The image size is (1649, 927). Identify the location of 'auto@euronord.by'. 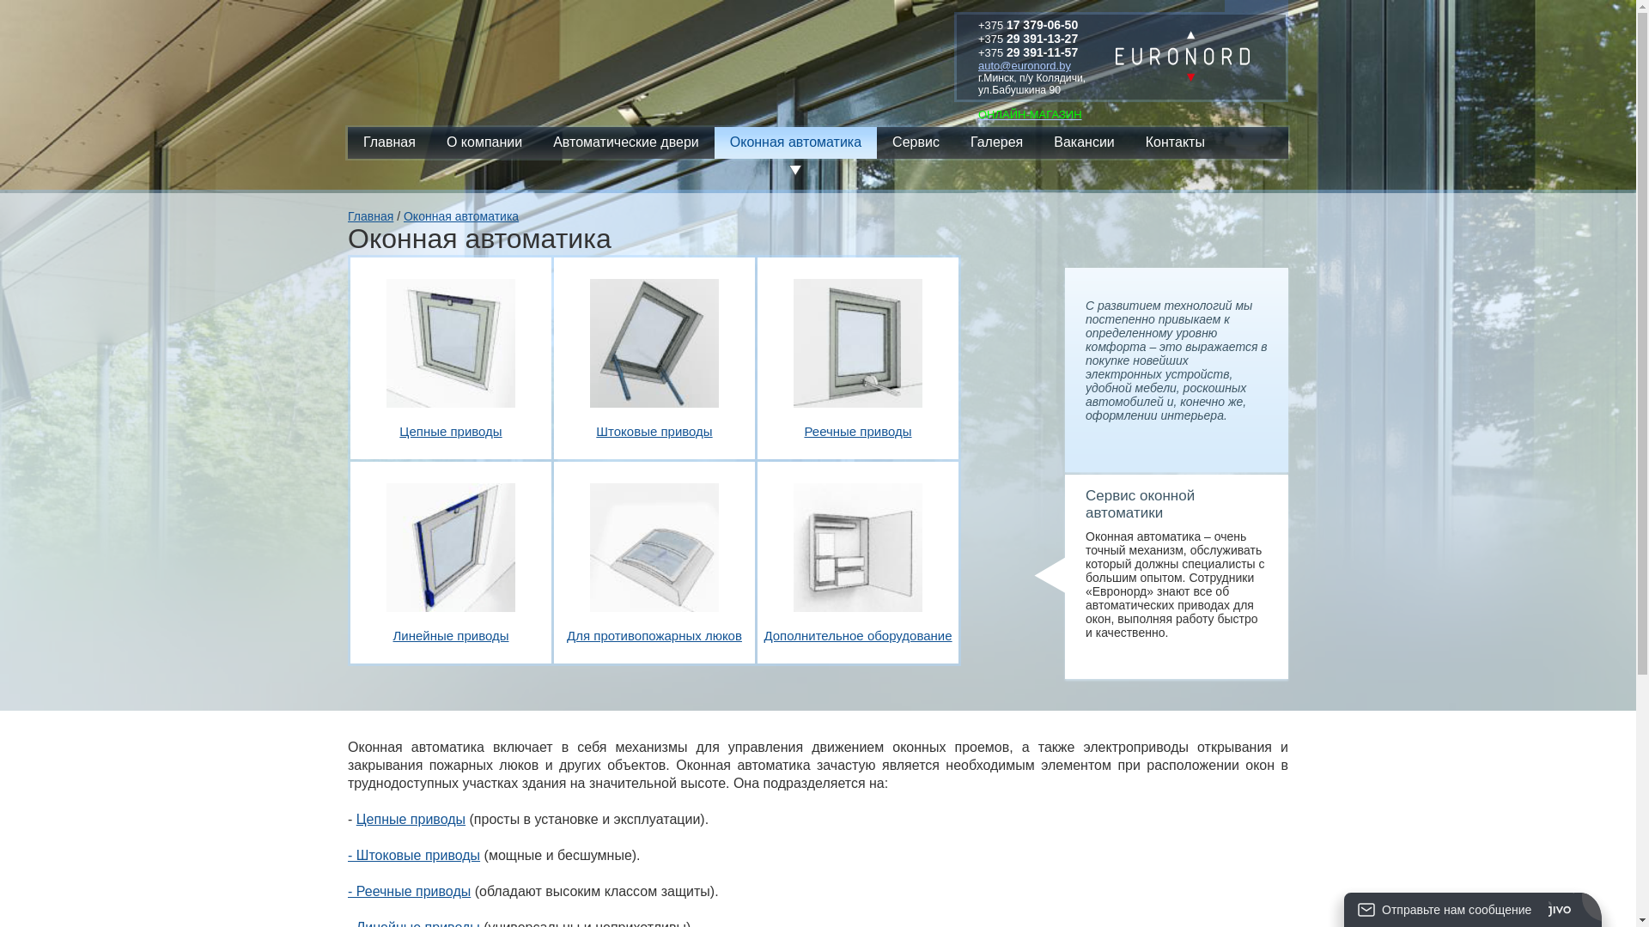
(977, 64).